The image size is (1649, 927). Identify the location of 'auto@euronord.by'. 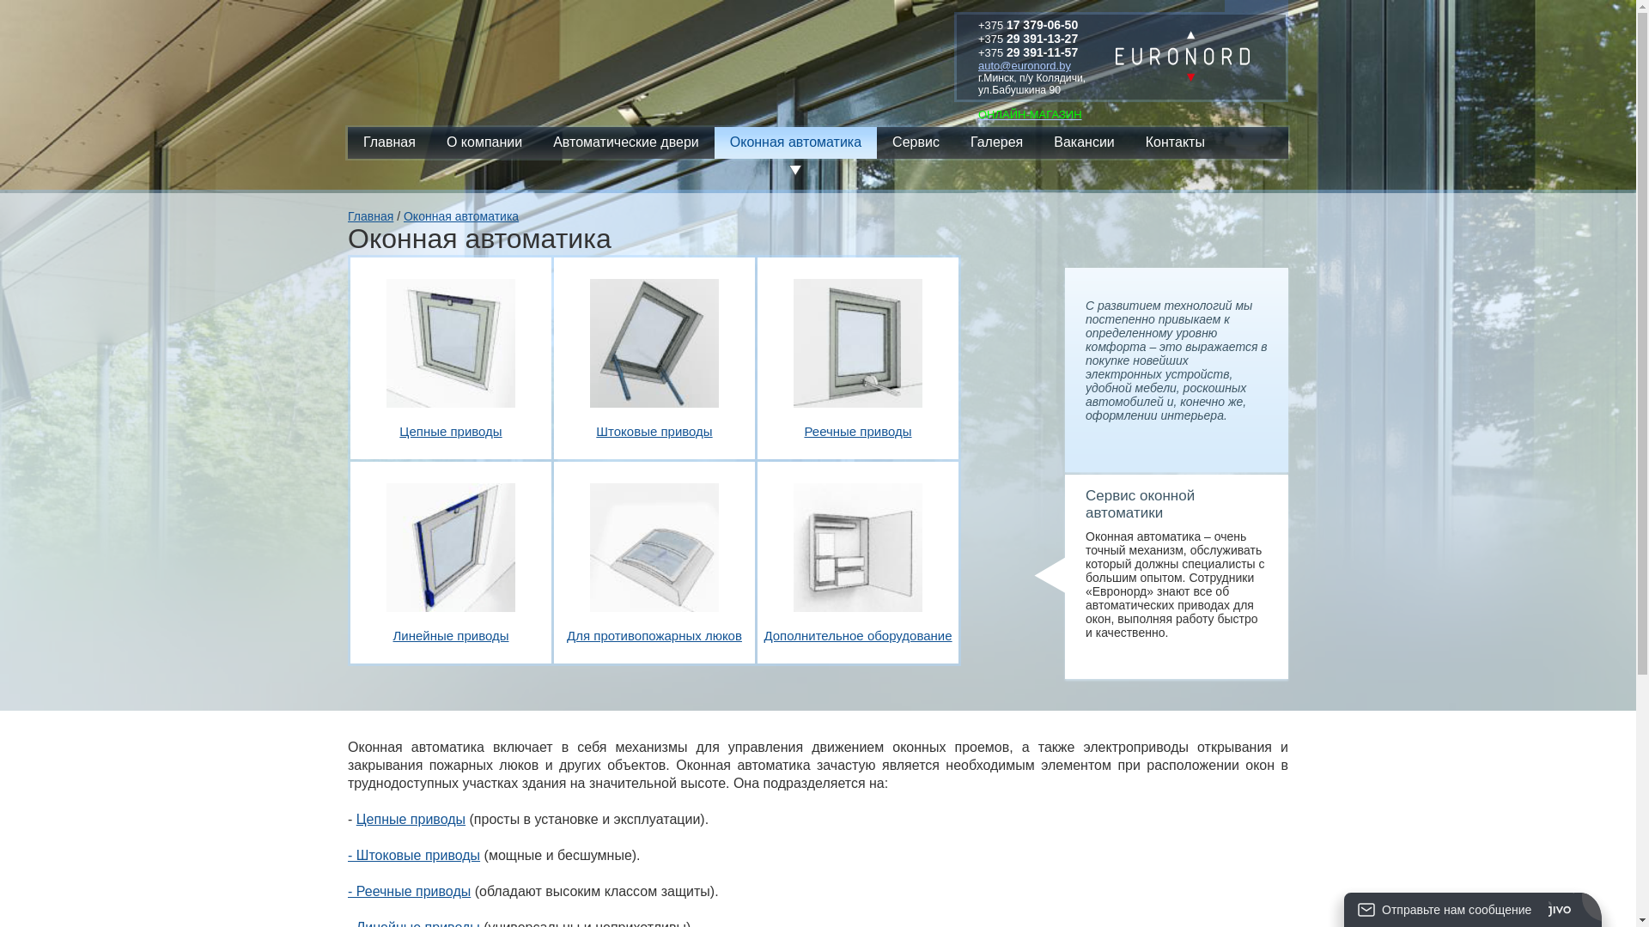
(977, 64).